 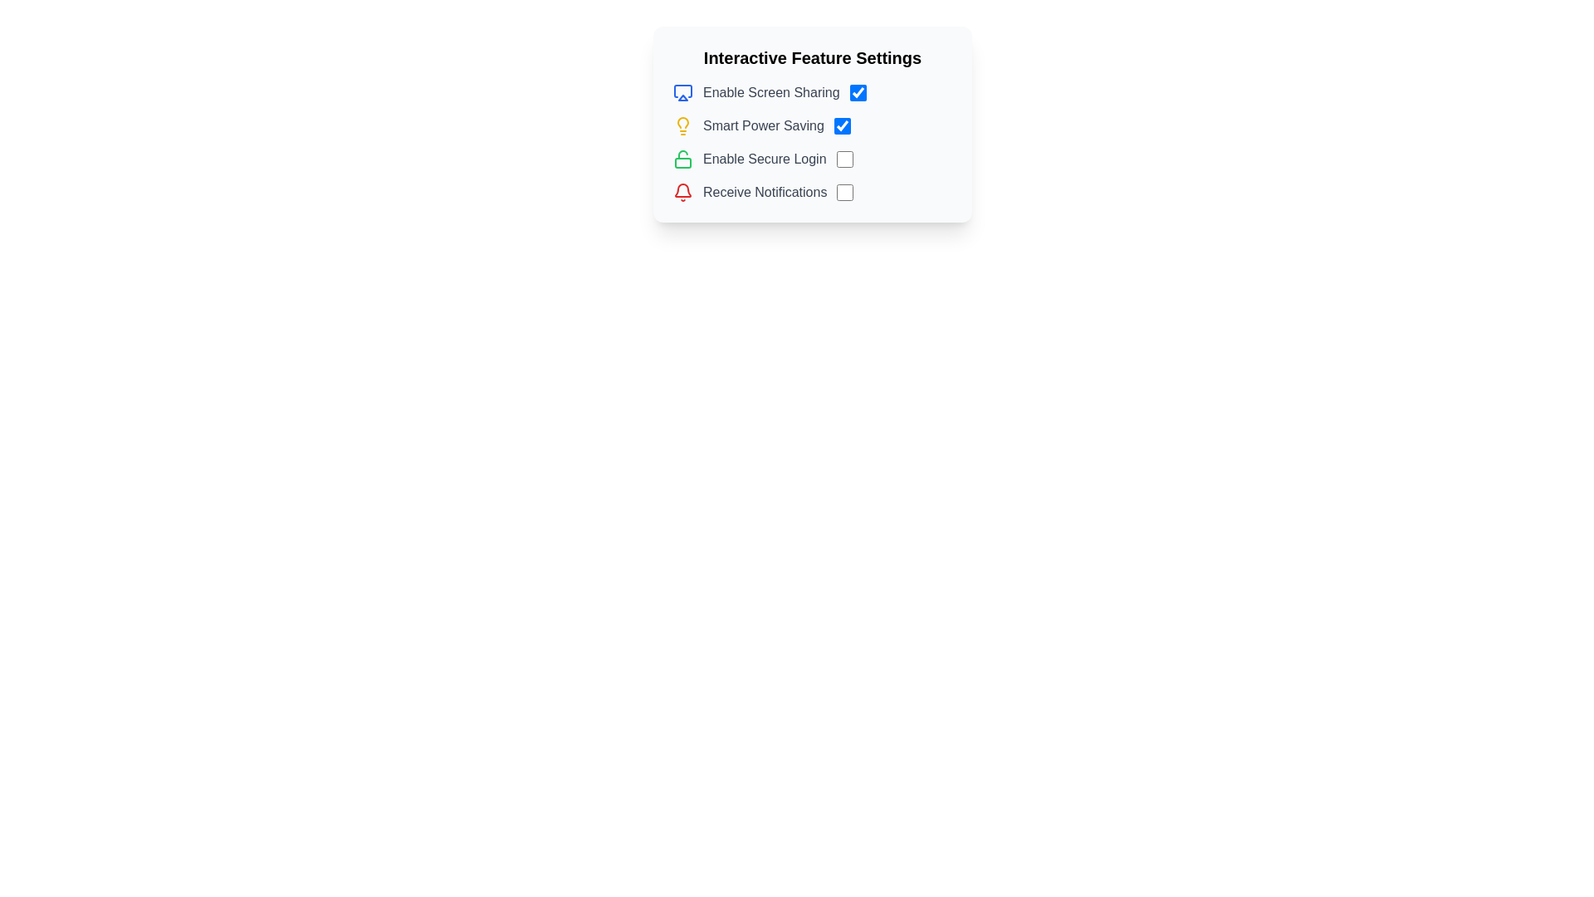 I want to click on the group of labeled checkboxes with icons under the 'Interactive Feature Settings' to read its description, so click(x=813, y=142).